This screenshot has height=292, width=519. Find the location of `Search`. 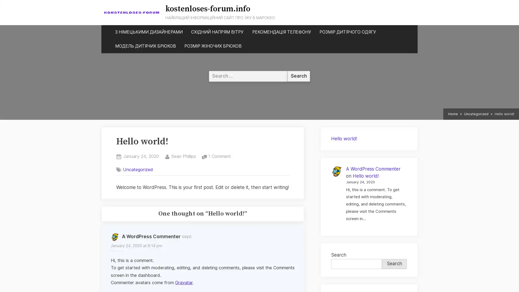

Search is located at coordinates (394, 263).